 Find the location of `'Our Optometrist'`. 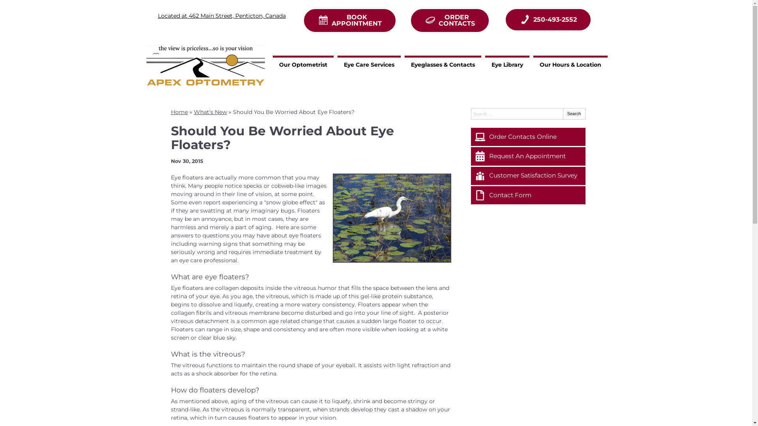

'Our Optometrist' is located at coordinates (303, 64).